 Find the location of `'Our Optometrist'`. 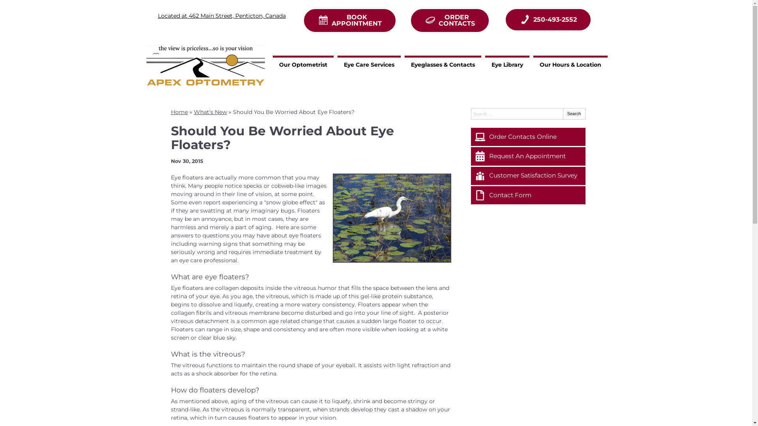

'Our Optometrist' is located at coordinates (303, 64).